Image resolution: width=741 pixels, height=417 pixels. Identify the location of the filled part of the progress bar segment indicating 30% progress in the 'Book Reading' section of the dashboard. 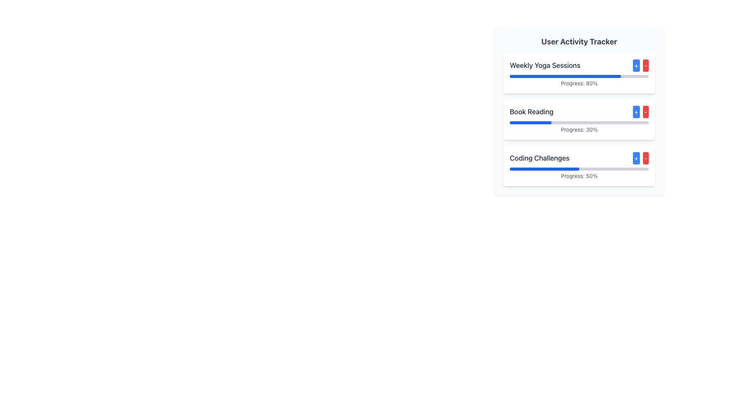
(530, 122).